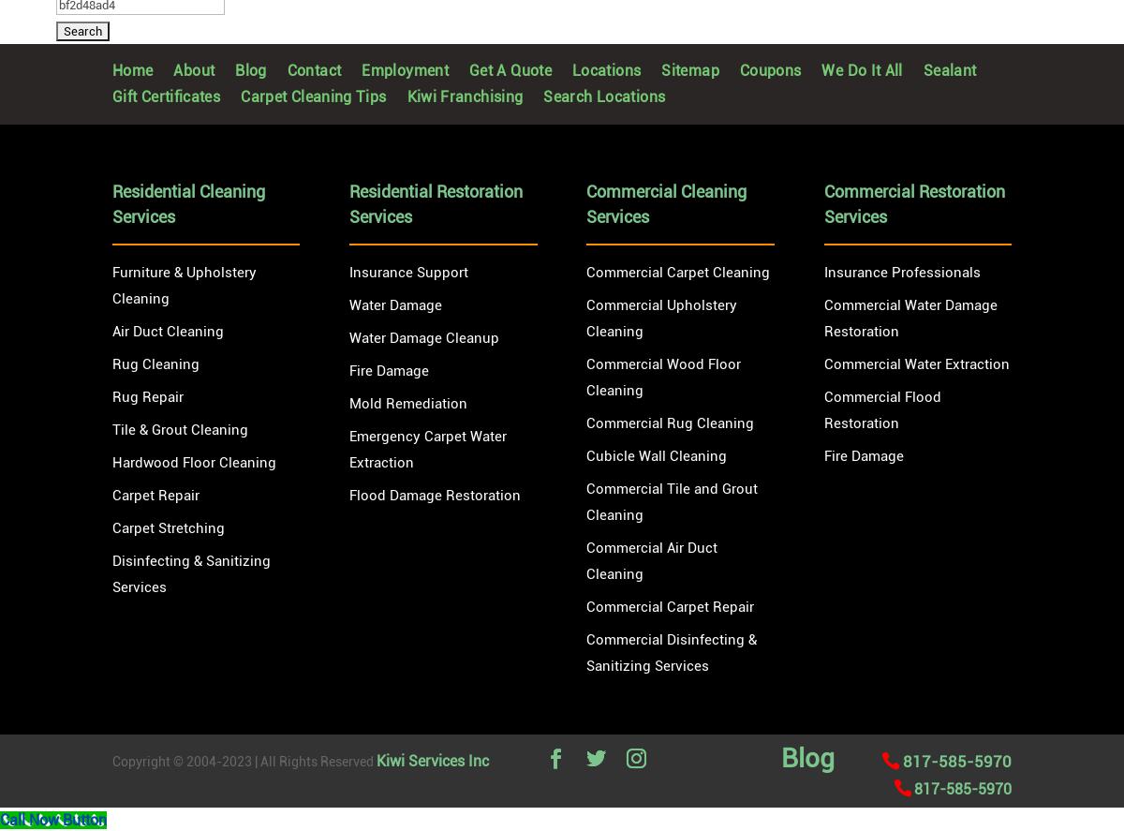 This screenshot has height=831, width=1124. What do you see at coordinates (584, 96) in the screenshot?
I see `'Search Locations'` at bounding box center [584, 96].